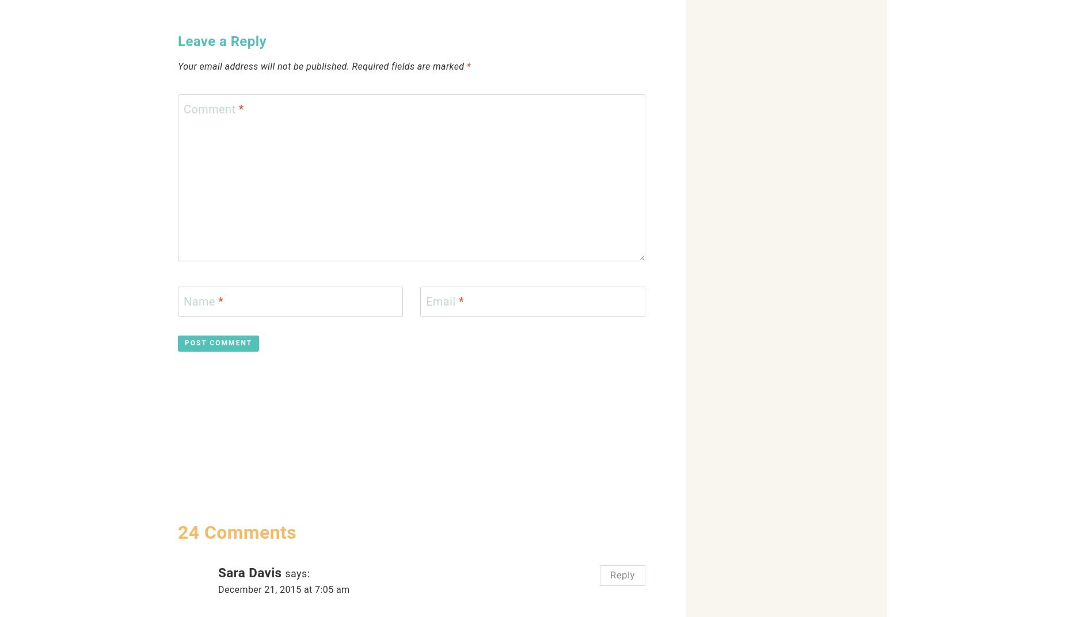  What do you see at coordinates (249, 572) in the screenshot?
I see `'Sara Davis'` at bounding box center [249, 572].